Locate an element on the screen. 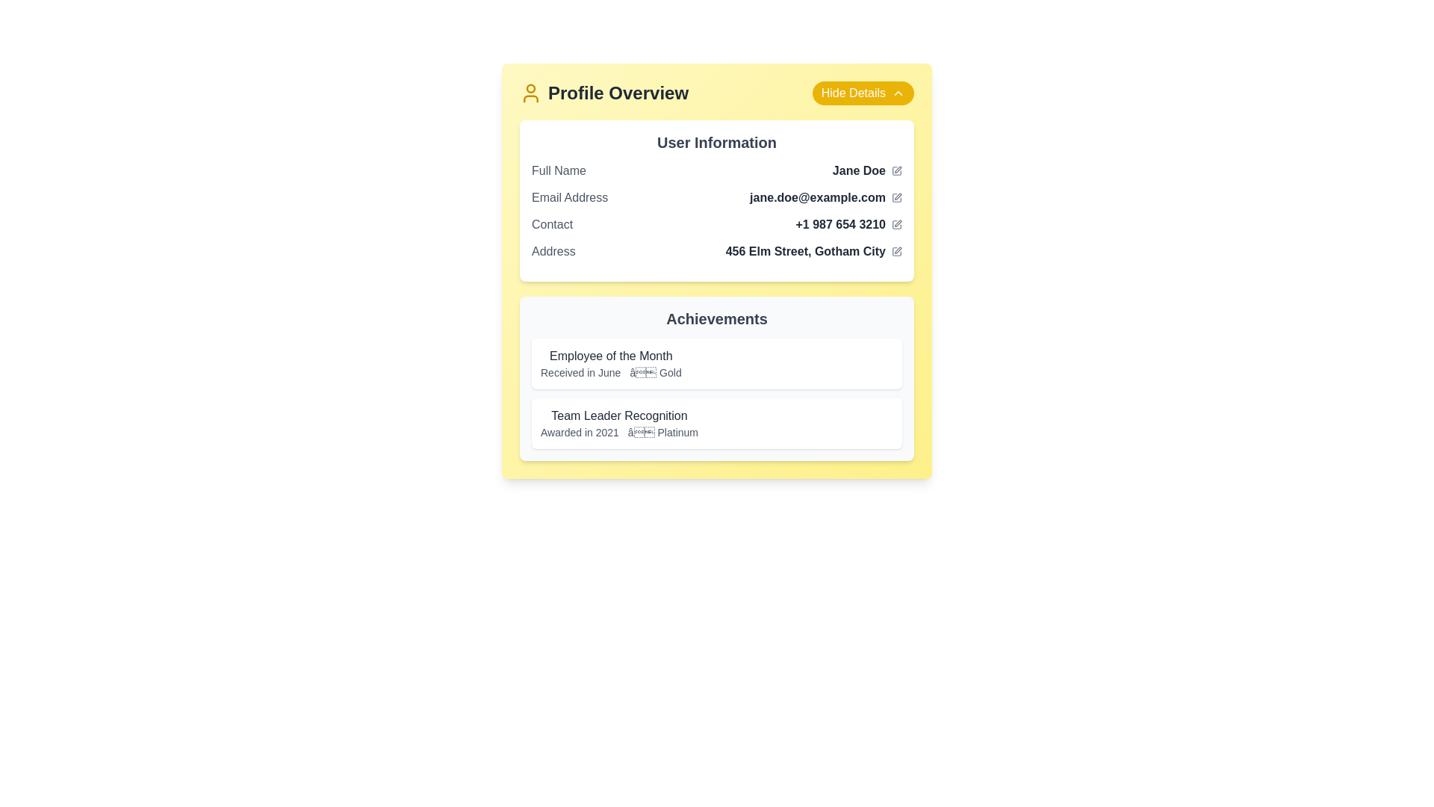  the informational Text label that indicates an achievement, specifically the first line of the entry in the 'Achievements' section is located at coordinates (611, 356).